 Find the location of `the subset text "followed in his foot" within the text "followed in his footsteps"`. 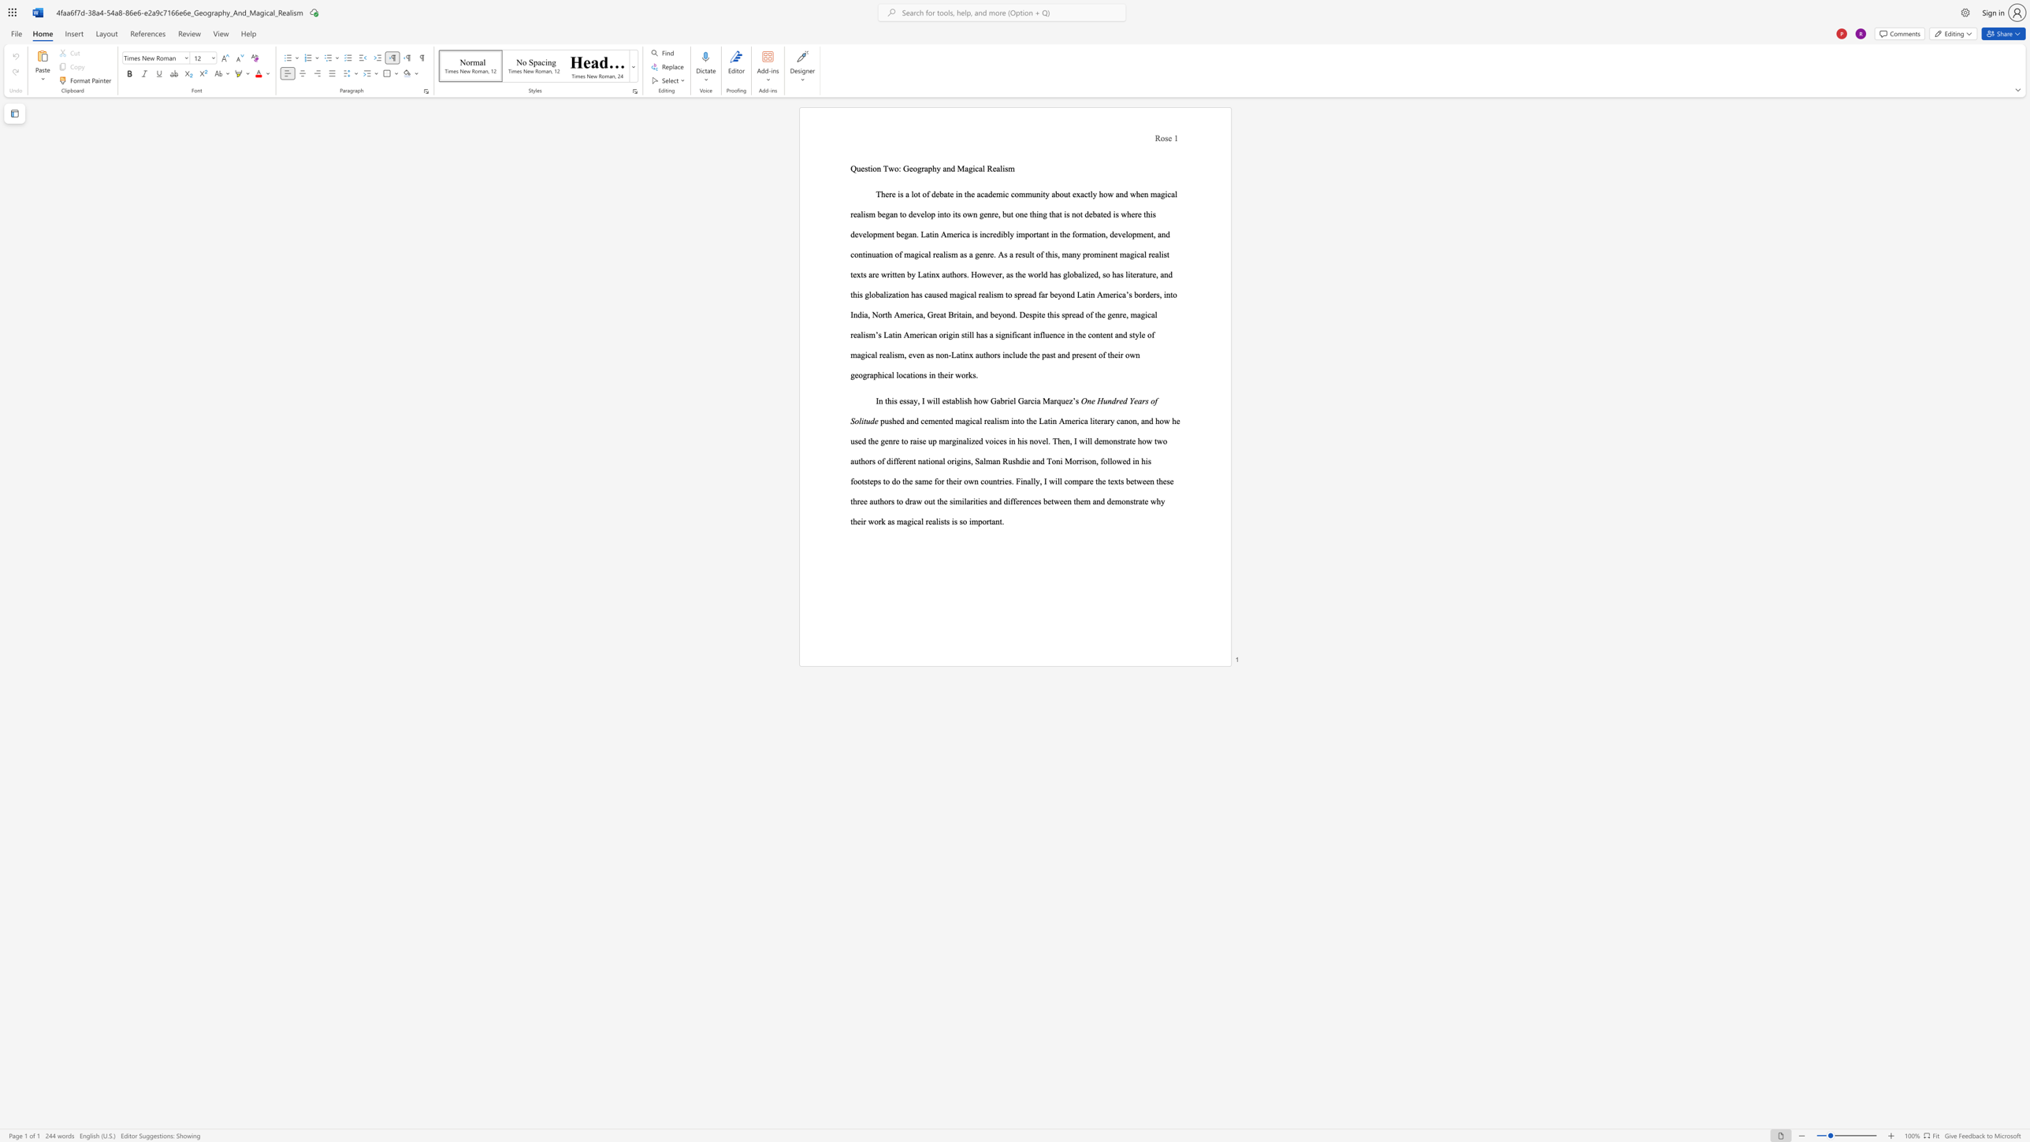

the subset text "followed in his foot" within the text "followed in his footsteps" is located at coordinates (1100, 460).